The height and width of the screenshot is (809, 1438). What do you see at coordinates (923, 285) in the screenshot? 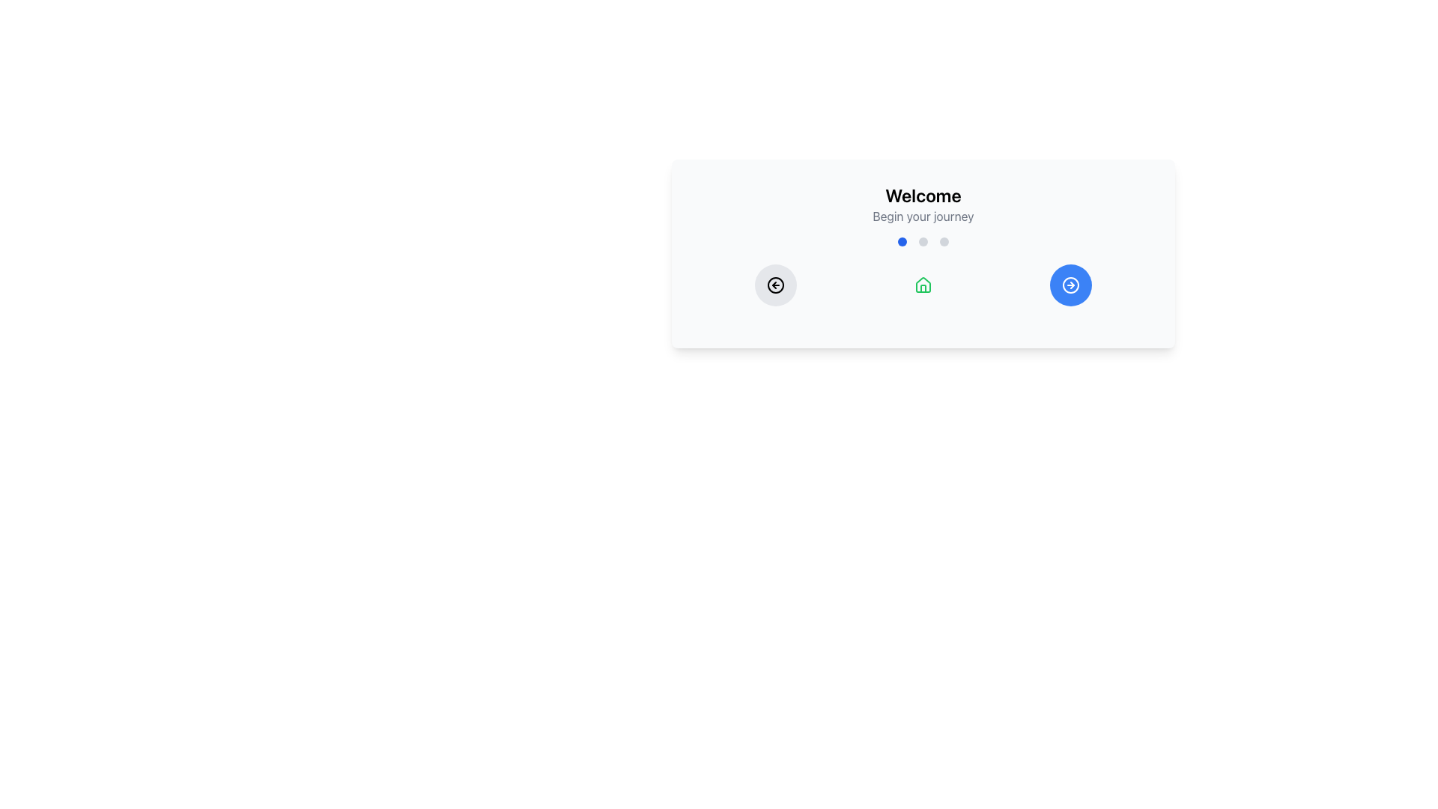
I see `the small house-shaped icon with a green outline located centrally under the Welcome header, positioned between two circular icons` at bounding box center [923, 285].